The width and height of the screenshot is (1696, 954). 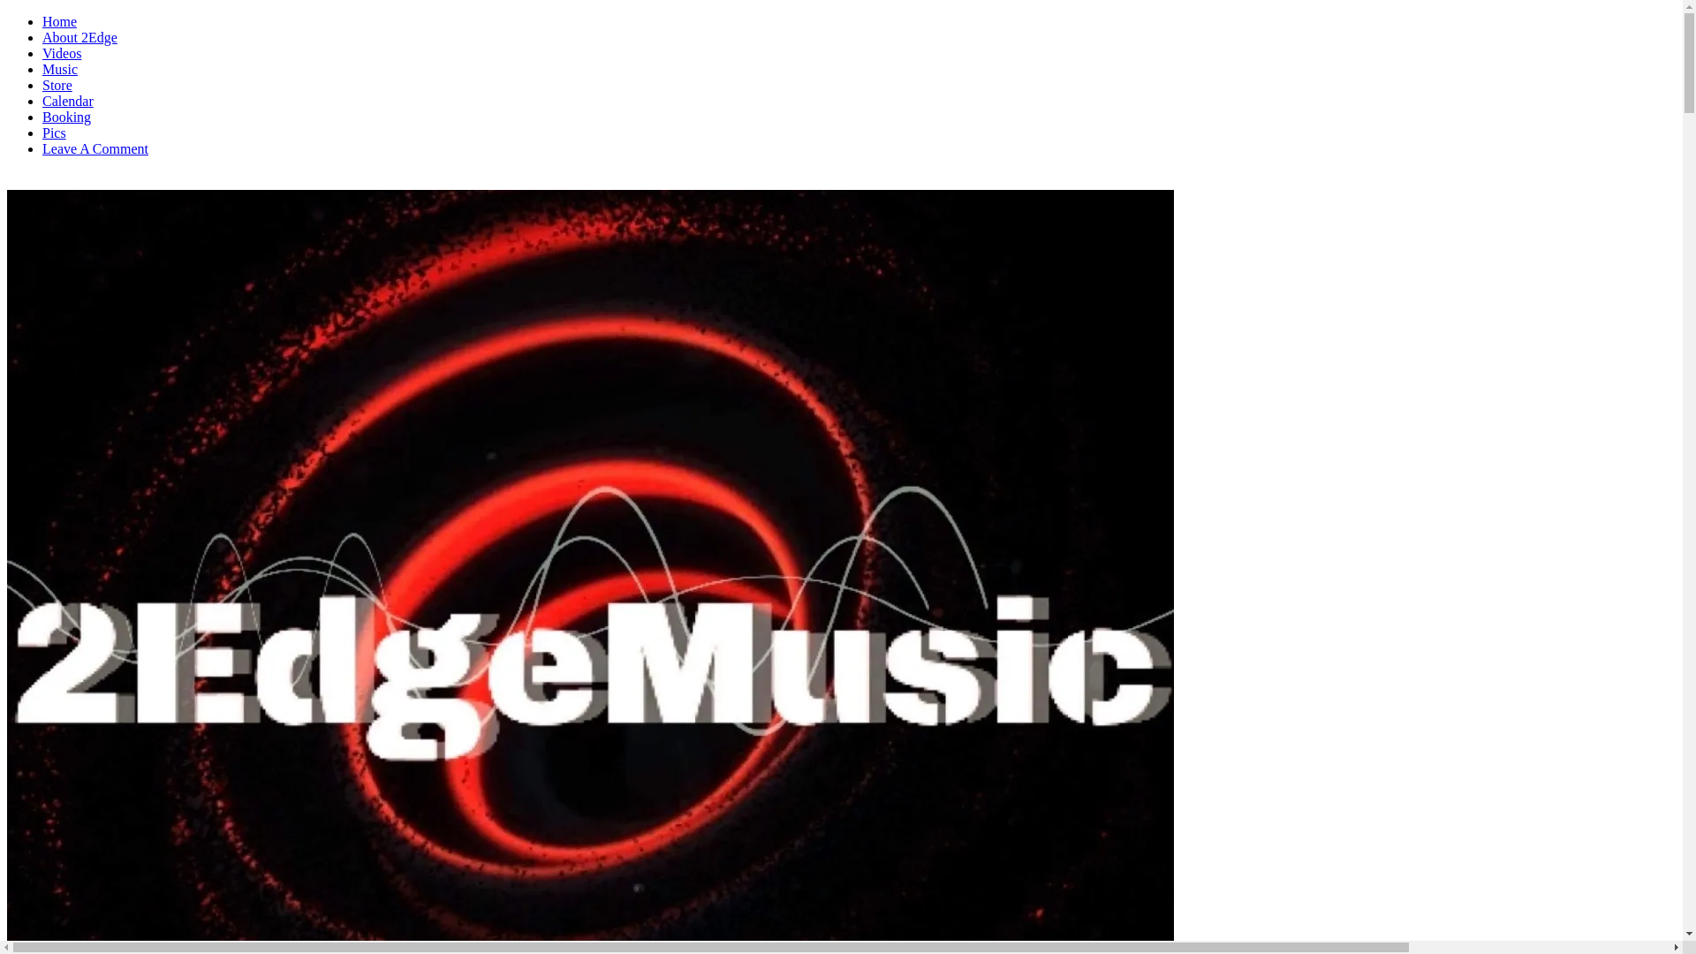 I want to click on 'Leave A Comment', so click(x=94, y=148).